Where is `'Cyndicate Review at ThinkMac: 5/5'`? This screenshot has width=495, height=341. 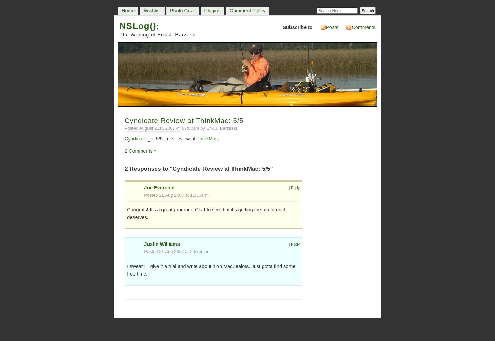 'Cyndicate Review at ThinkMac: 5/5' is located at coordinates (184, 120).